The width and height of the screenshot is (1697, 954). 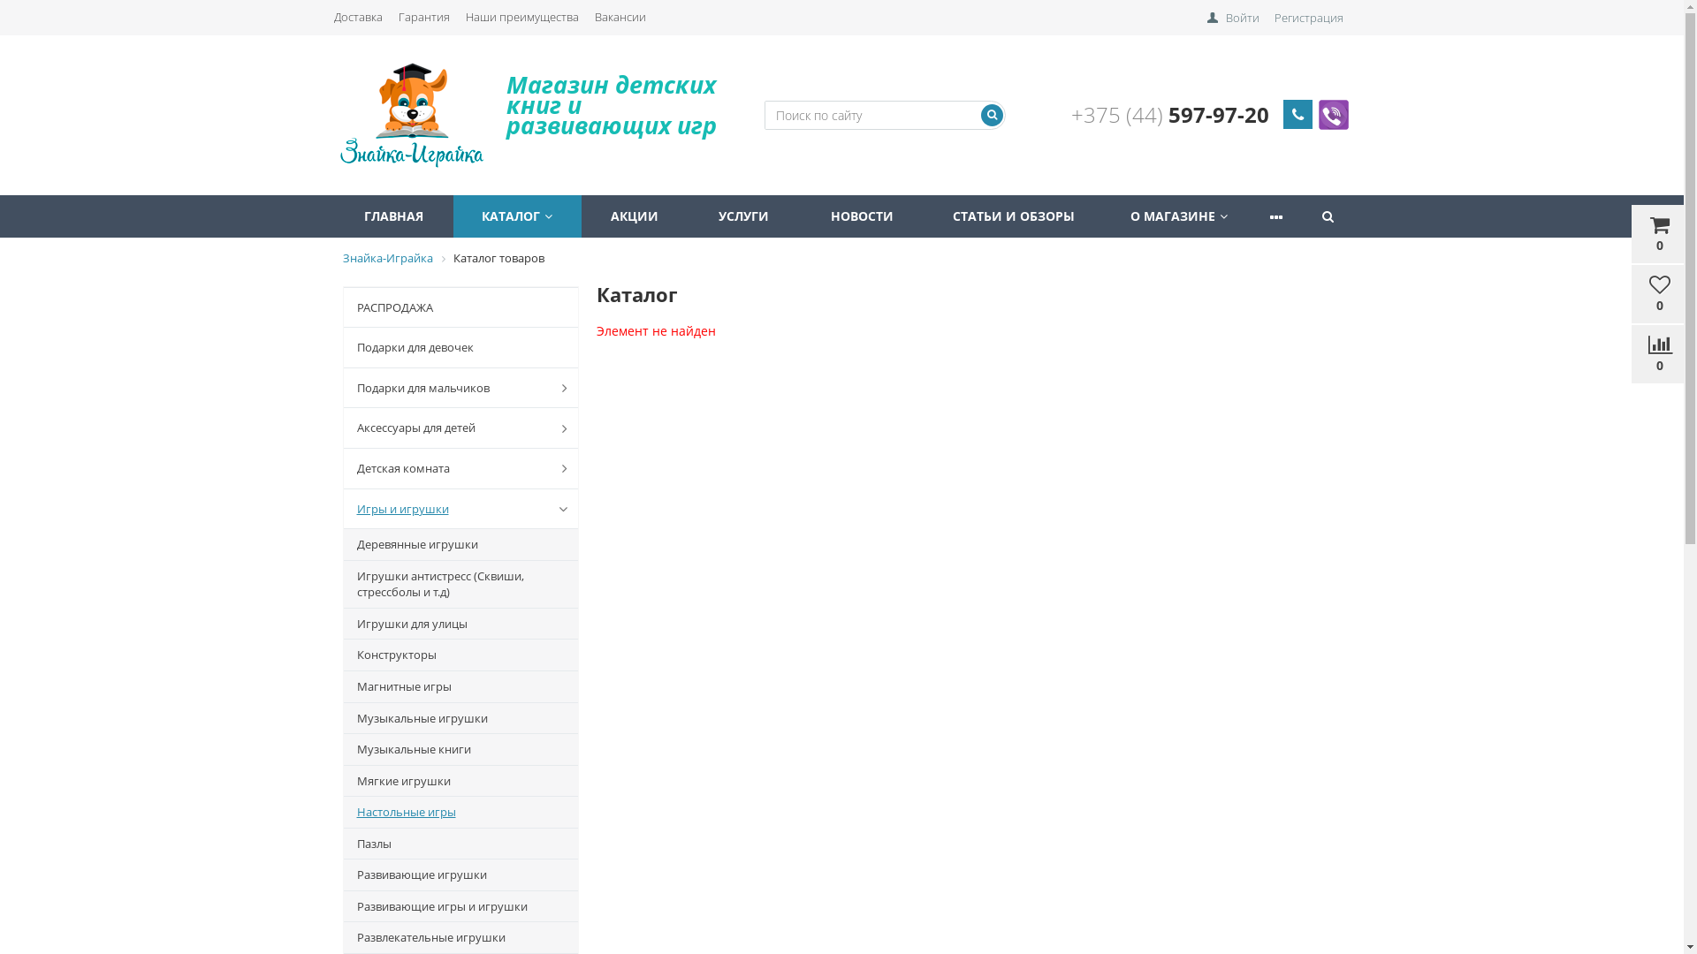 What do you see at coordinates (1658, 354) in the screenshot?
I see `'0'` at bounding box center [1658, 354].